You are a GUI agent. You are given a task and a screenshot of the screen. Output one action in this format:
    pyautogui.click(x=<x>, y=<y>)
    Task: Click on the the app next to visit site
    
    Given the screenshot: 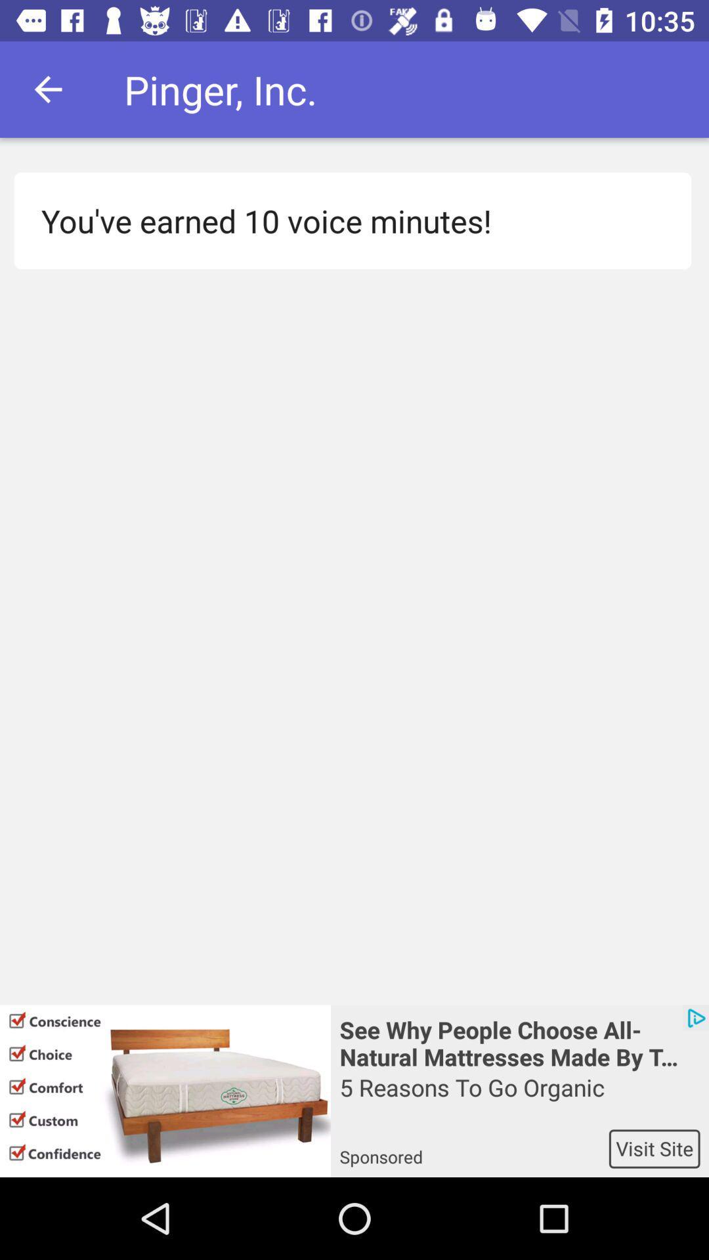 What is the action you would take?
    pyautogui.click(x=474, y=1148)
    